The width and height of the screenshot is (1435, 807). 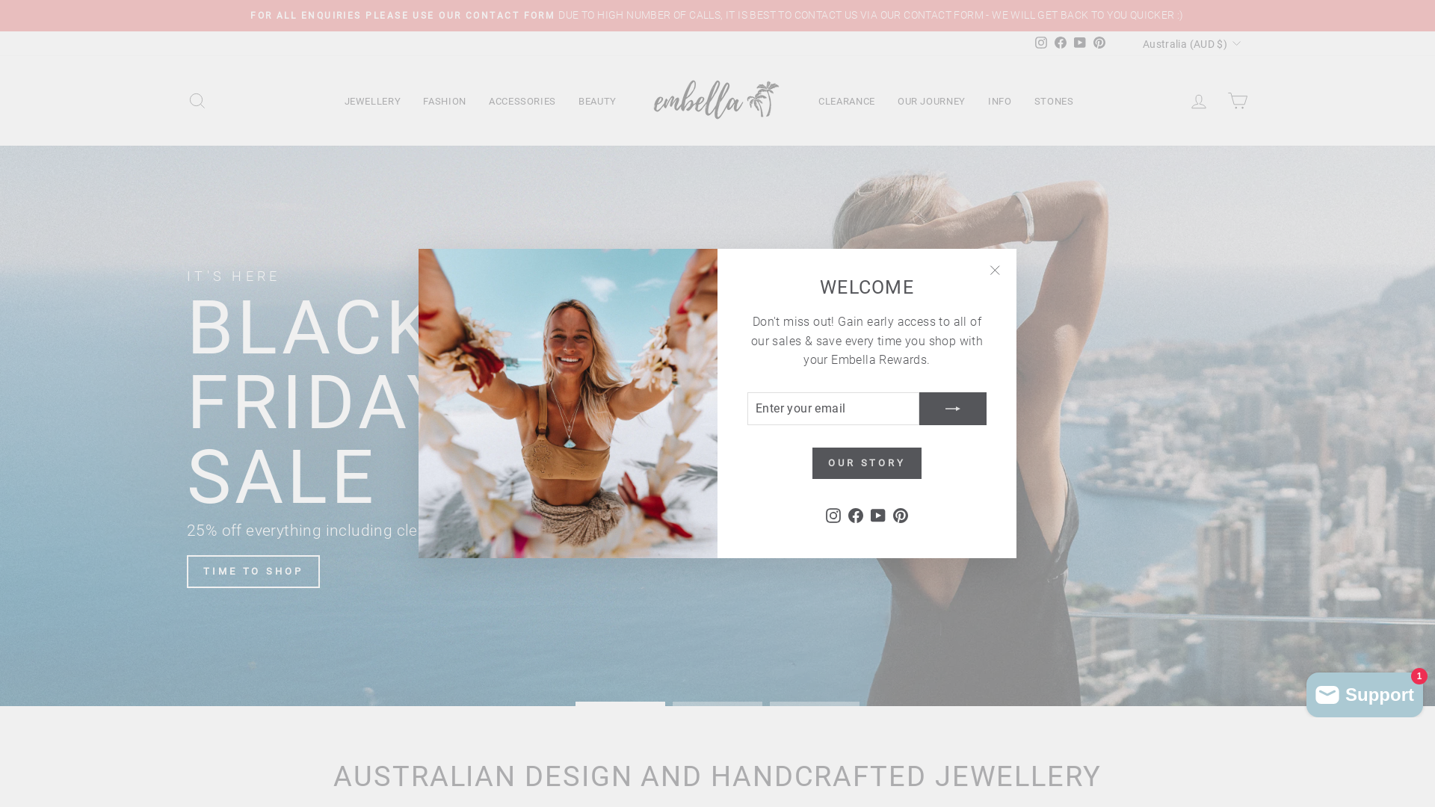 I want to click on 'STONES', so click(x=1022, y=101).